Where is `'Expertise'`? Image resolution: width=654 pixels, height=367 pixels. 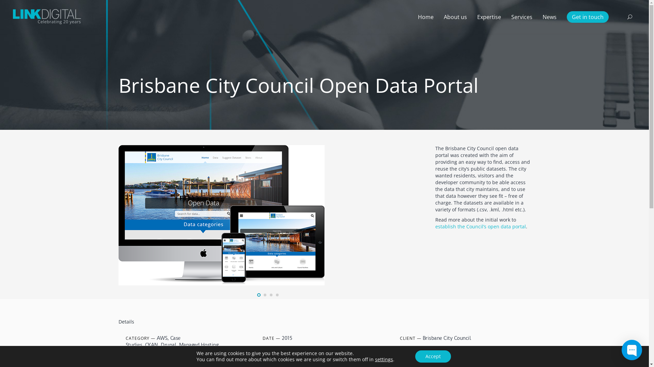 'Expertise' is located at coordinates (488, 17).